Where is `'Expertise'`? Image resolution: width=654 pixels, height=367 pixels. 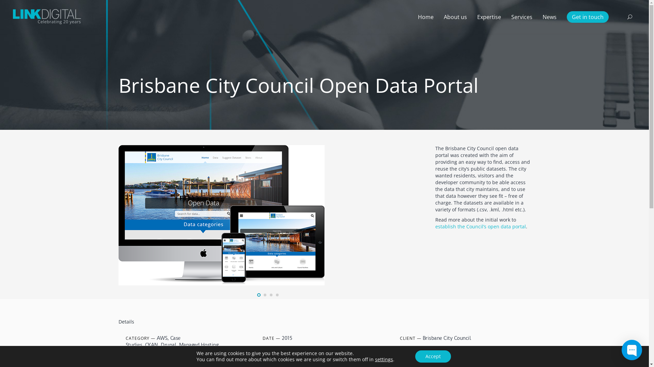 'Expertise' is located at coordinates (488, 17).